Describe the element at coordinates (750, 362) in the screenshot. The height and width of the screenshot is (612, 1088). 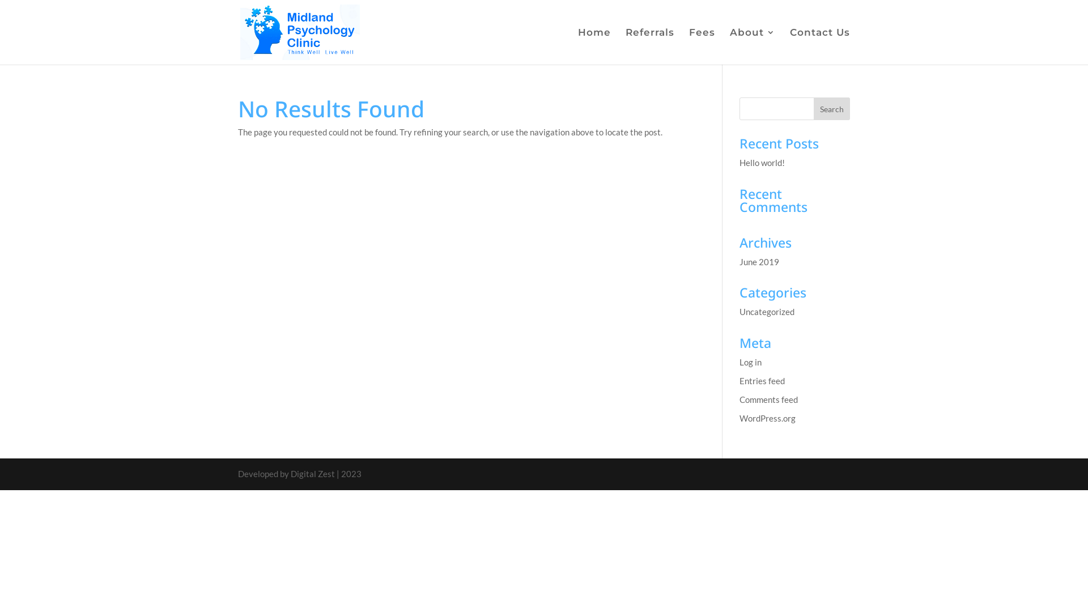
I see `'Log in'` at that location.